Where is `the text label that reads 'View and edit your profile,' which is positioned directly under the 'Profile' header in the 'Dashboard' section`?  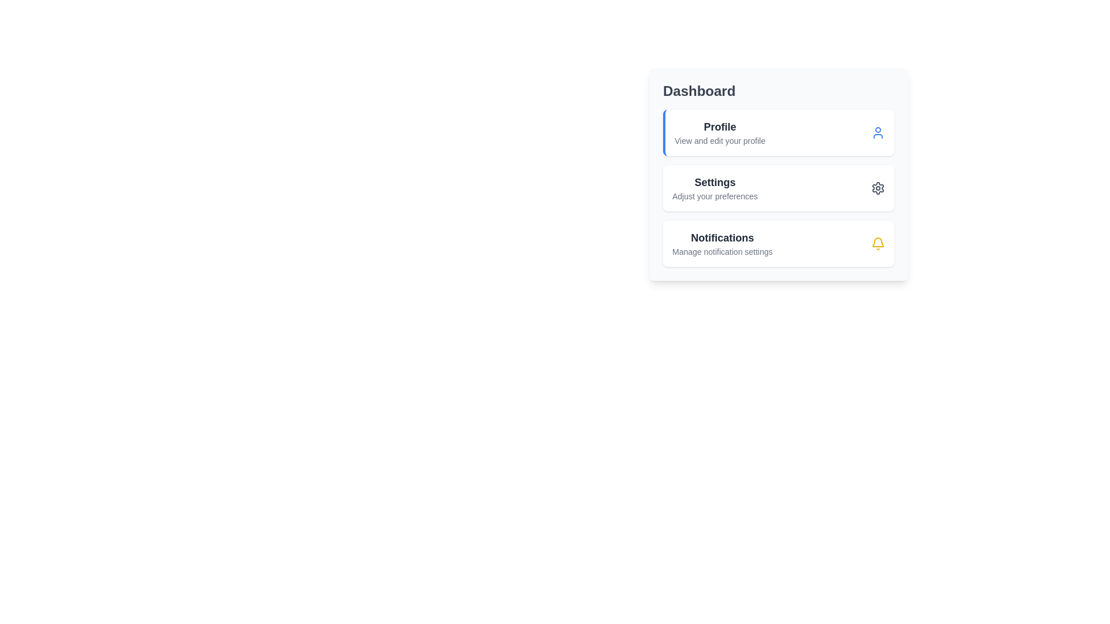
the text label that reads 'View and edit your profile,' which is positioned directly under the 'Profile' header in the 'Dashboard' section is located at coordinates (719, 140).